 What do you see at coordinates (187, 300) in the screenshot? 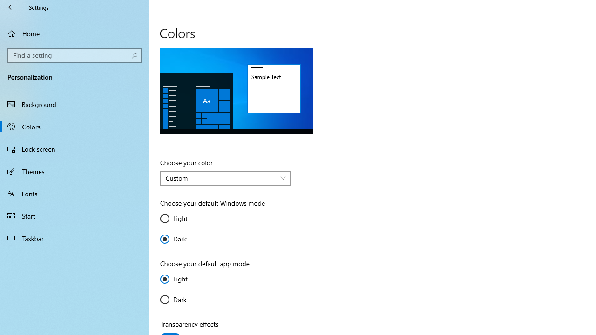
I see `'Dark'` at bounding box center [187, 300].